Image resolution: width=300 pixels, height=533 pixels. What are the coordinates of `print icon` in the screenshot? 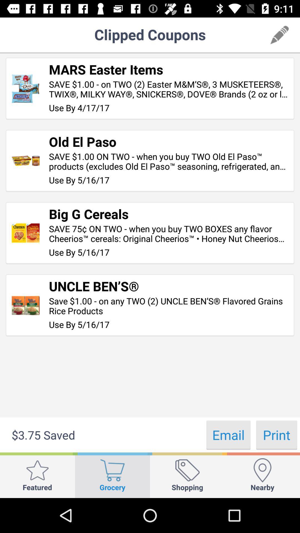 It's located at (276, 434).